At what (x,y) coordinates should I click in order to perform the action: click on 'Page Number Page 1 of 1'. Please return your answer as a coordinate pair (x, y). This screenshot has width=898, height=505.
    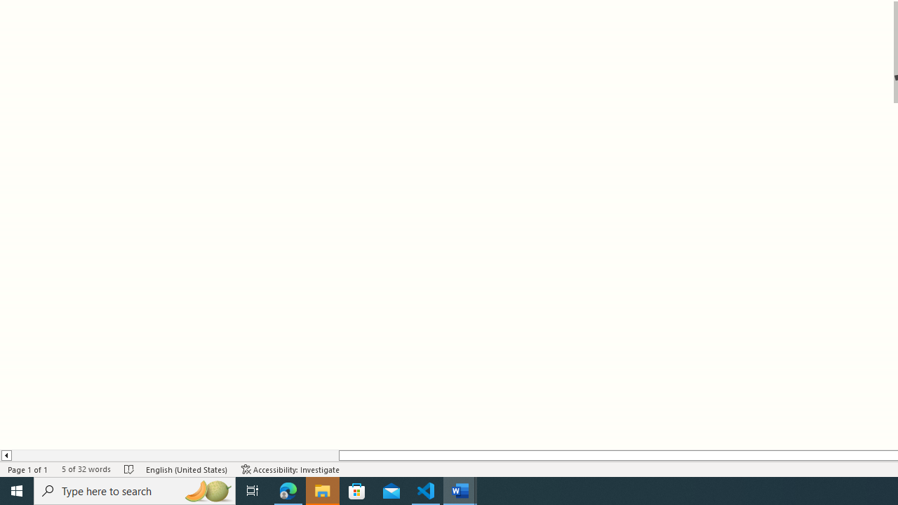
    Looking at the image, I should click on (28, 469).